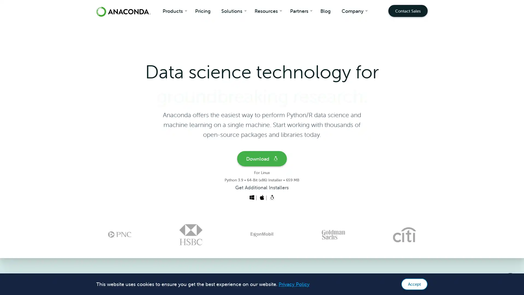 The image size is (524, 295). What do you see at coordinates (294, 284) in the screenshot?
I see `learn more about cookies` at bounding box center [294, 284].